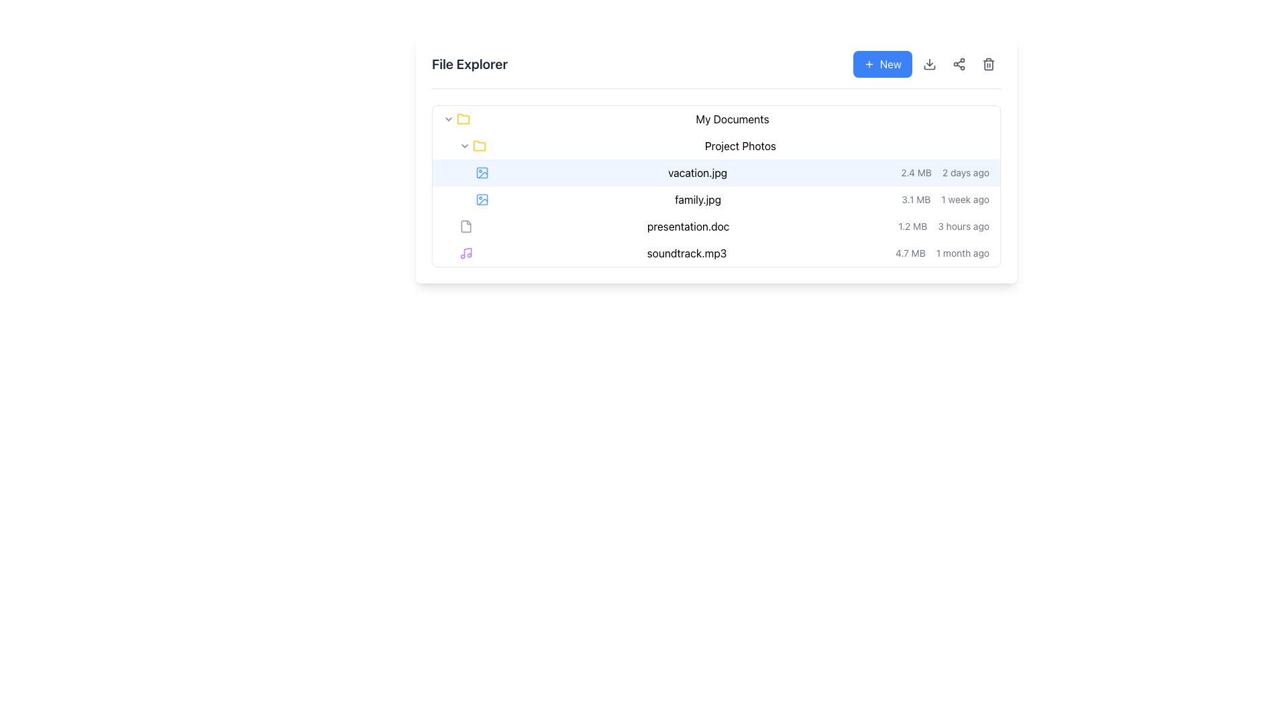 This screenshot has height=724, width=1288. Describe the element at coordinates (929, 64) in the screenshot. I see `the download button located in the top-right section of the interface, directly to the right of the blue 'New' button and left of the 'Share' button with a connected-dots icon, to initiate a download` at that location.